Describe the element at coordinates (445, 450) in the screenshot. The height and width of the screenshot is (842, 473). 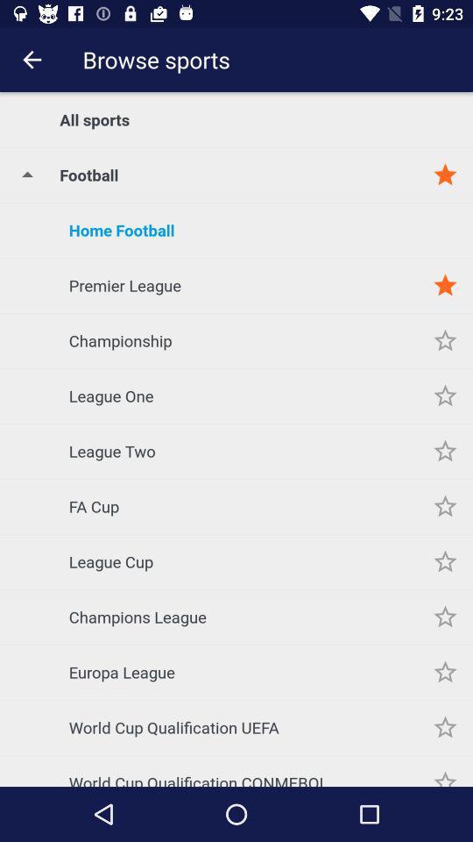
I see `this` at that location.